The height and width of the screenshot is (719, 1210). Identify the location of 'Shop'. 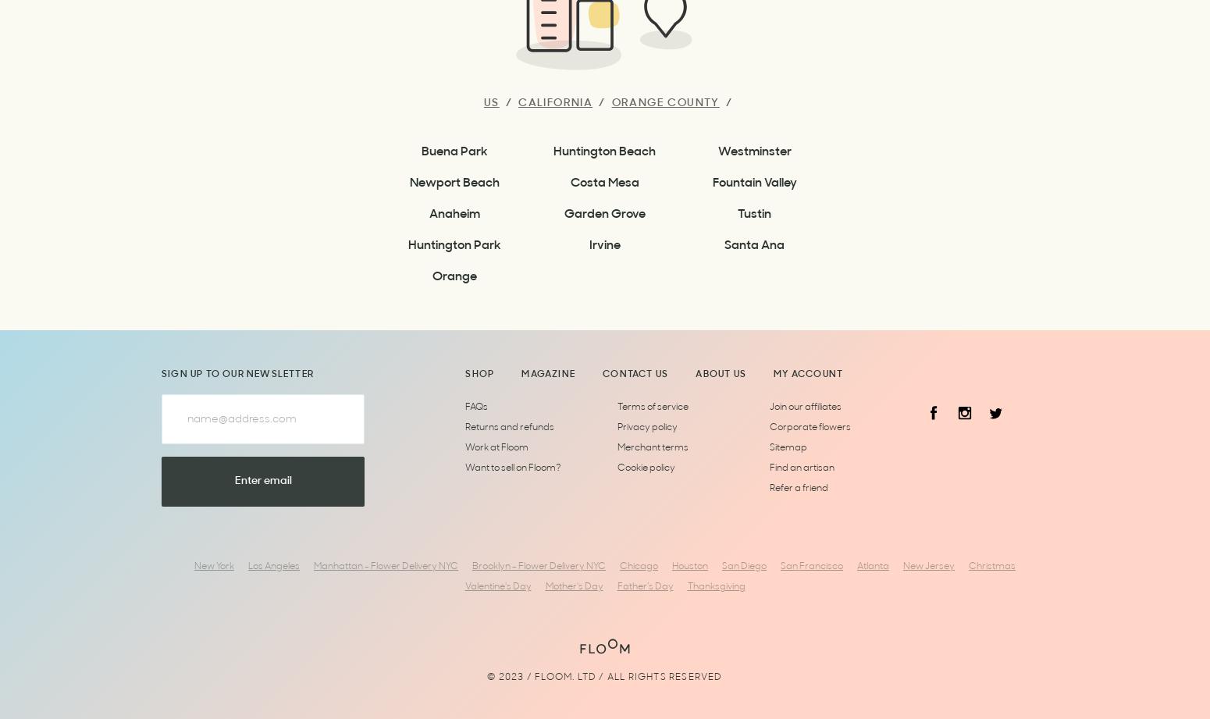
(464, 374).